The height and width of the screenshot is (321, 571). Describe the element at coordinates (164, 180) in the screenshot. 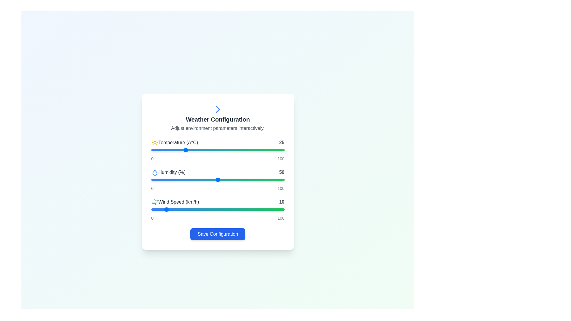

I see `the humidity level` at that location.